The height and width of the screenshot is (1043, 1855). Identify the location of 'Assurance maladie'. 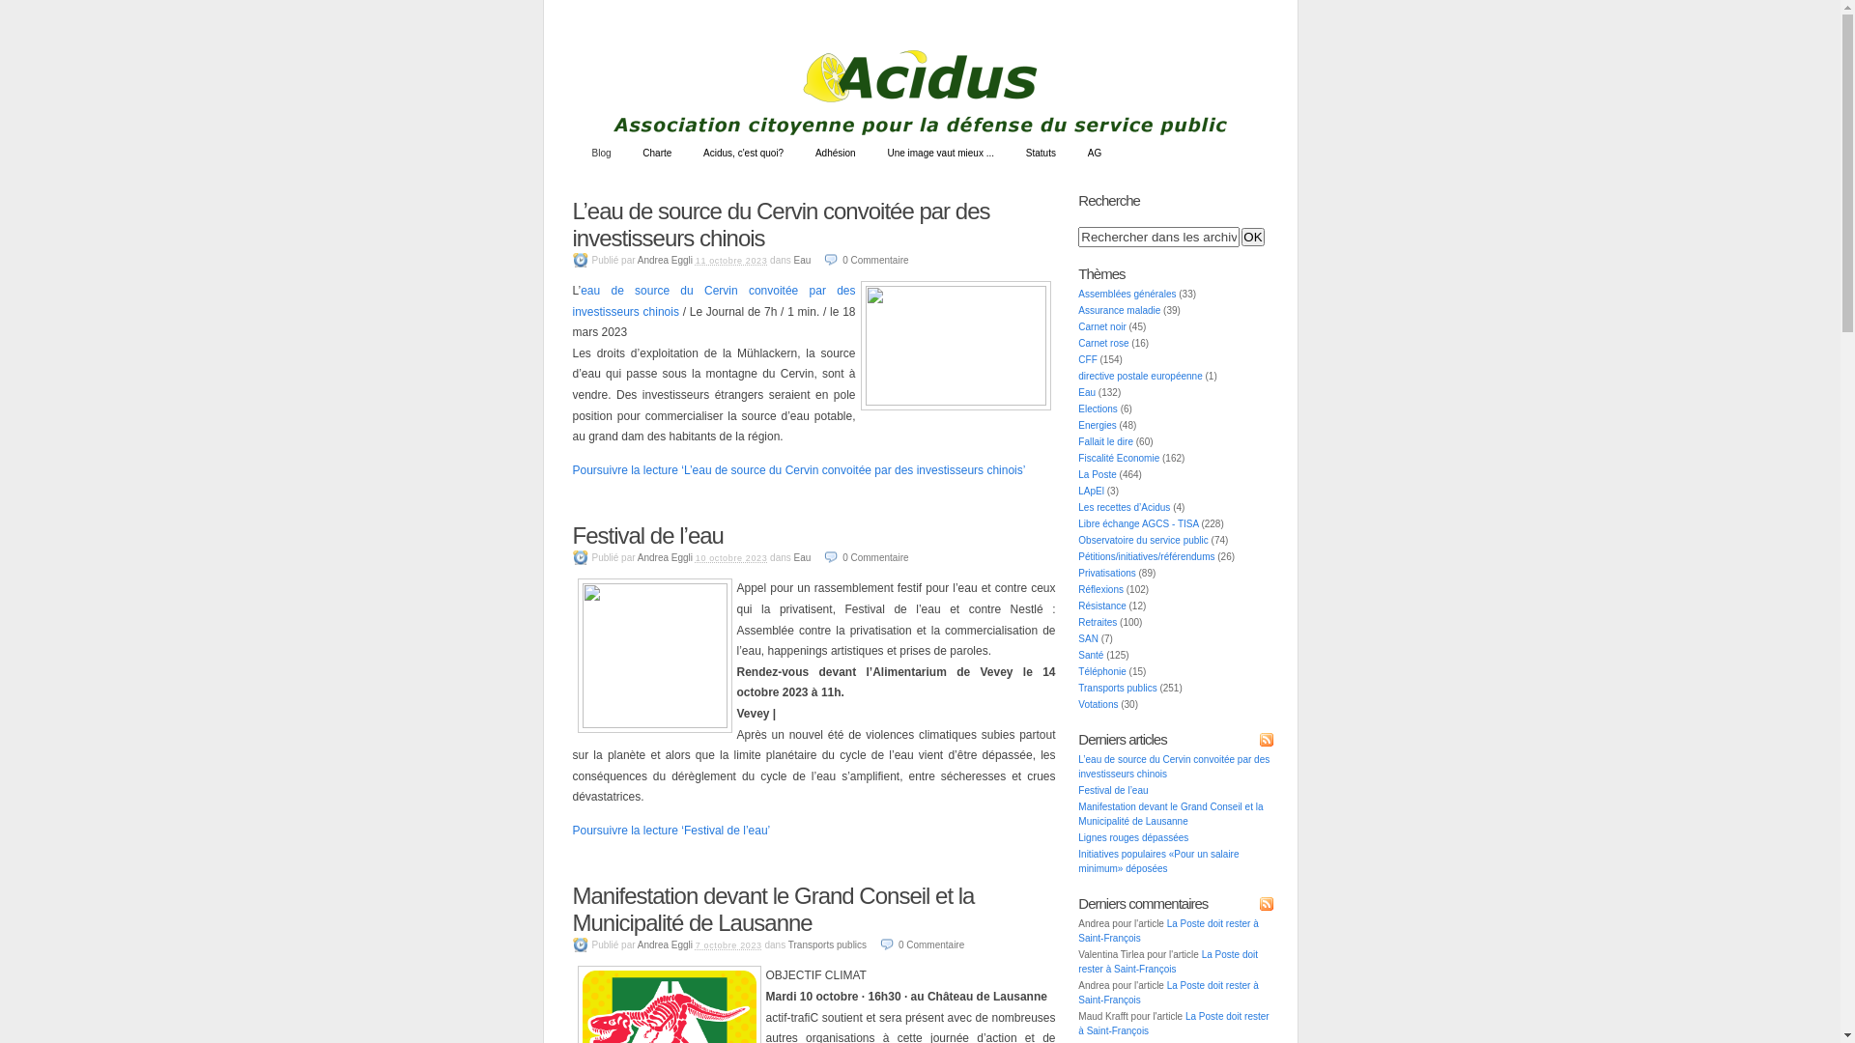
(1119, 309).